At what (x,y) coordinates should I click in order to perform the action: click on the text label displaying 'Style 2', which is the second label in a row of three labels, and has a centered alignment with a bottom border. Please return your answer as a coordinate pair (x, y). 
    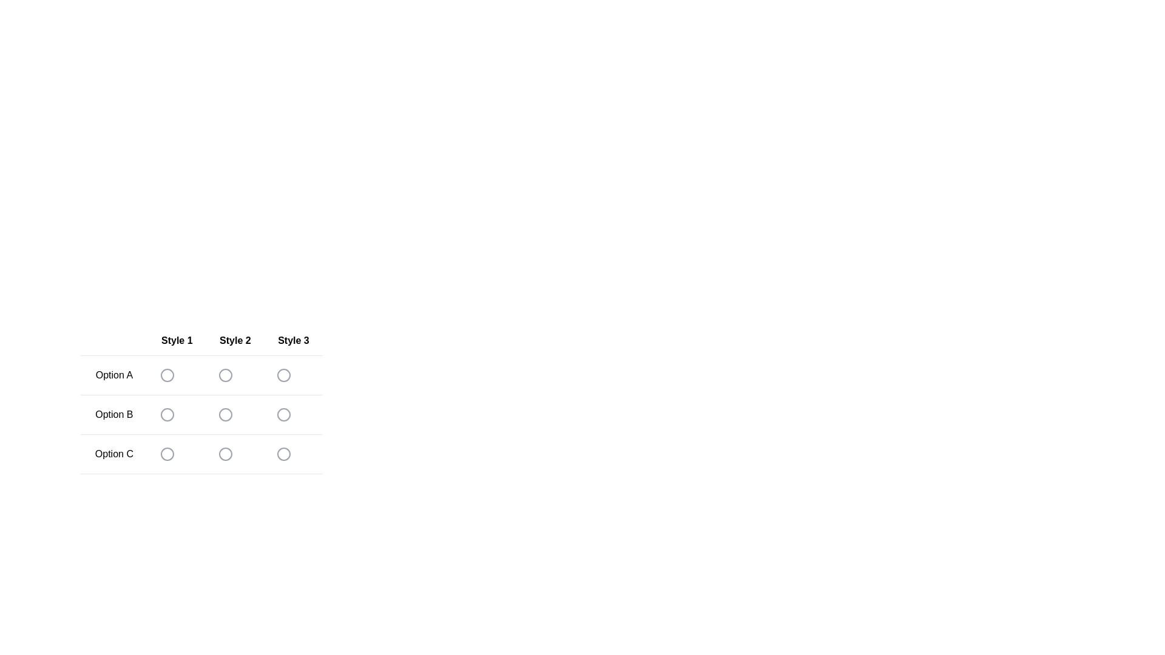
    Looking at the image, I should click on (235, 341).